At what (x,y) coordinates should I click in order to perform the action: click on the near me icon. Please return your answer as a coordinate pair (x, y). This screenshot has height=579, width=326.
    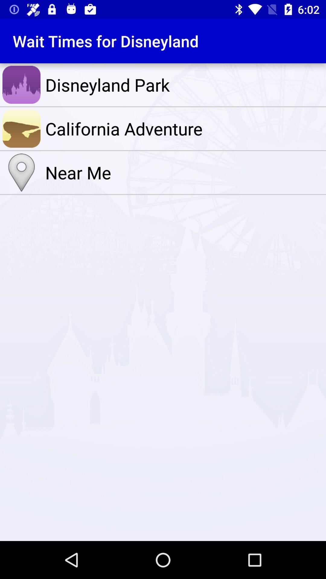
    Looking at the image, I should click on (184, 172).